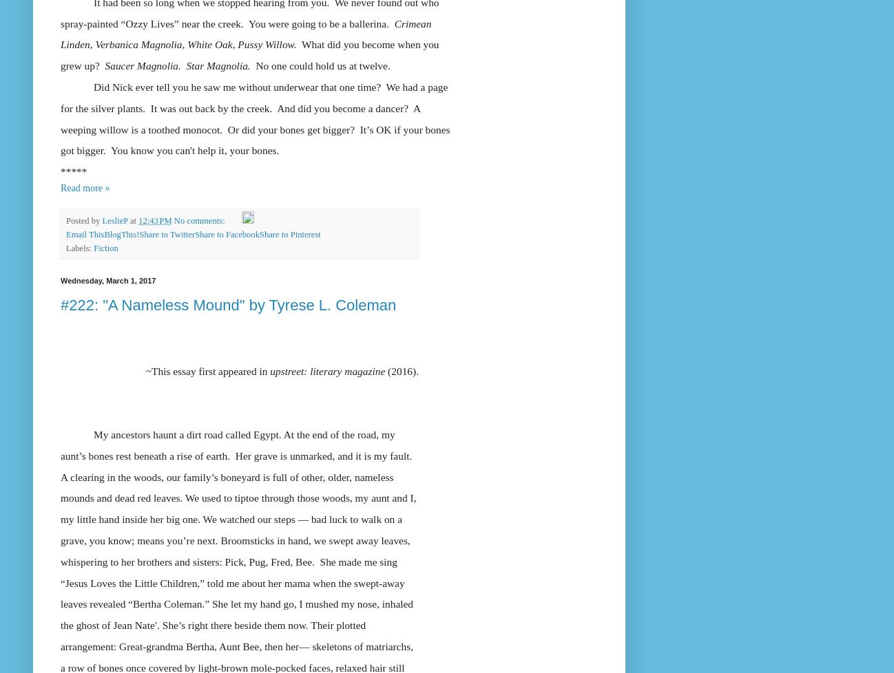  I want to click on '~This
essay first appeared in', so click(145, 370).